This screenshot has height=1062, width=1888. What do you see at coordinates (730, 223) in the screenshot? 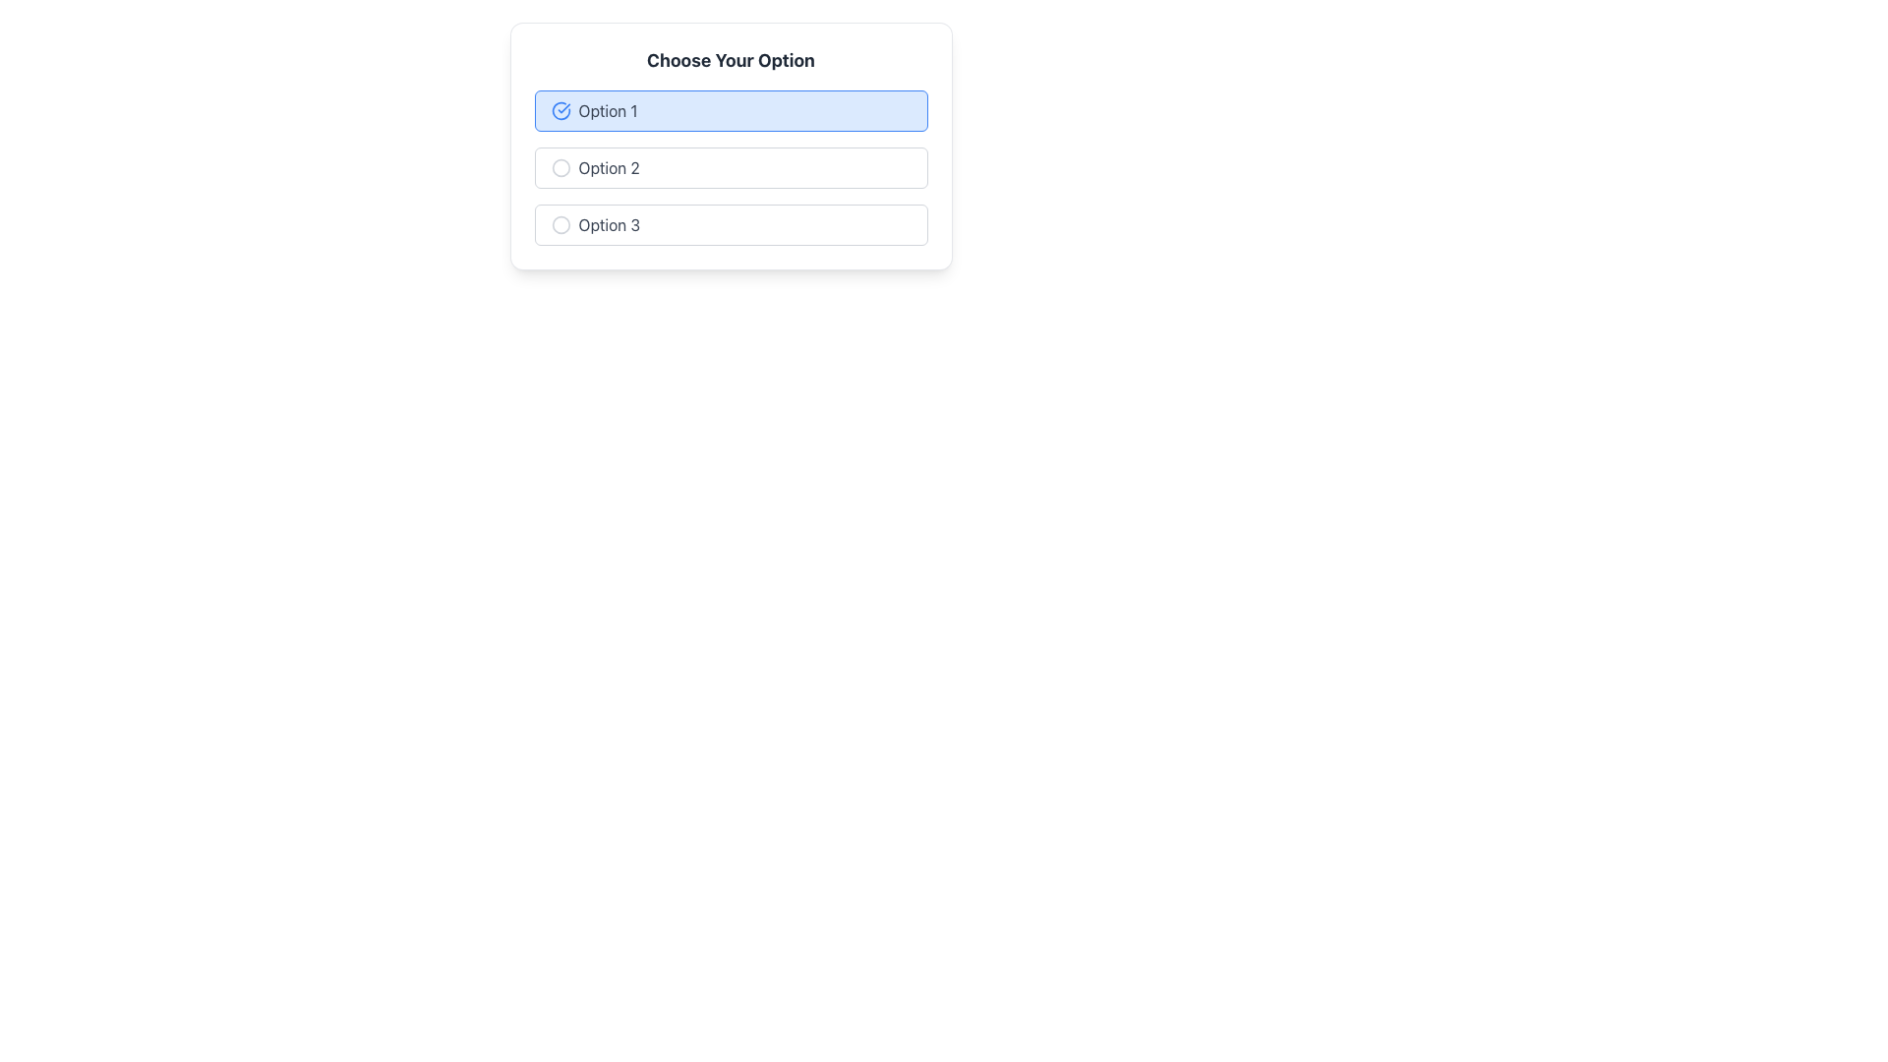
I see `the third option in the 'Choose Your Option' radio button set` at bounding box center [730, 223].